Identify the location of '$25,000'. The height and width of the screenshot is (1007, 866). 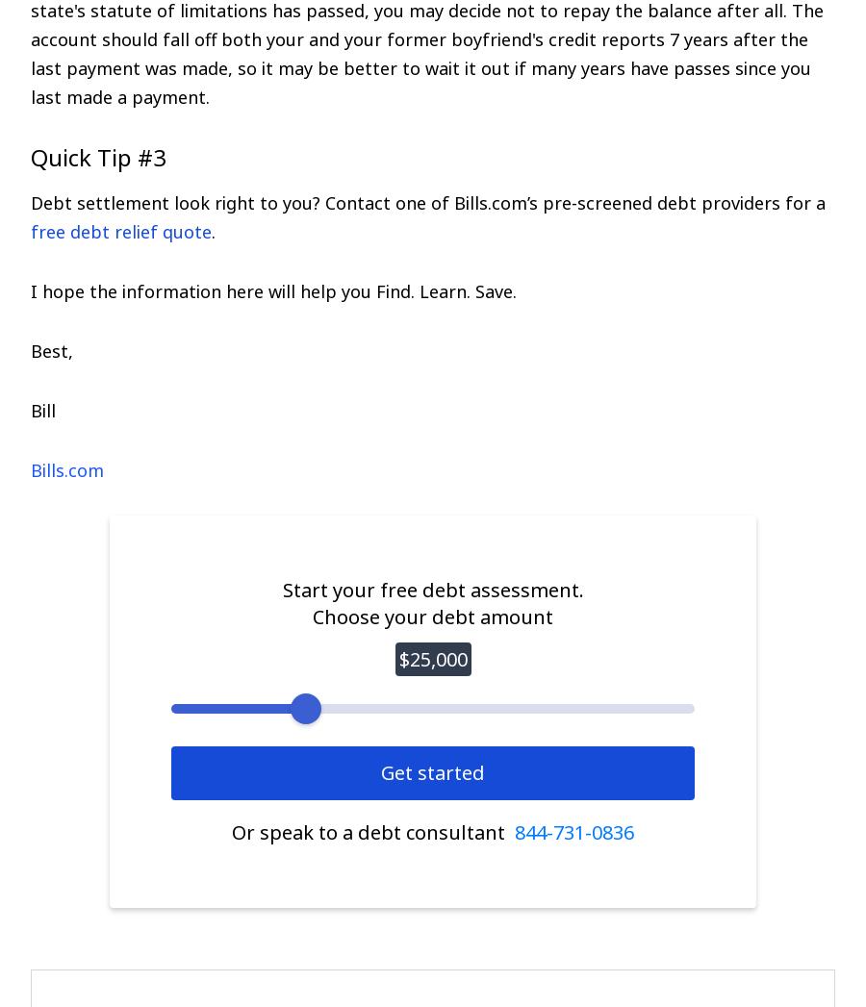
(432, 658).